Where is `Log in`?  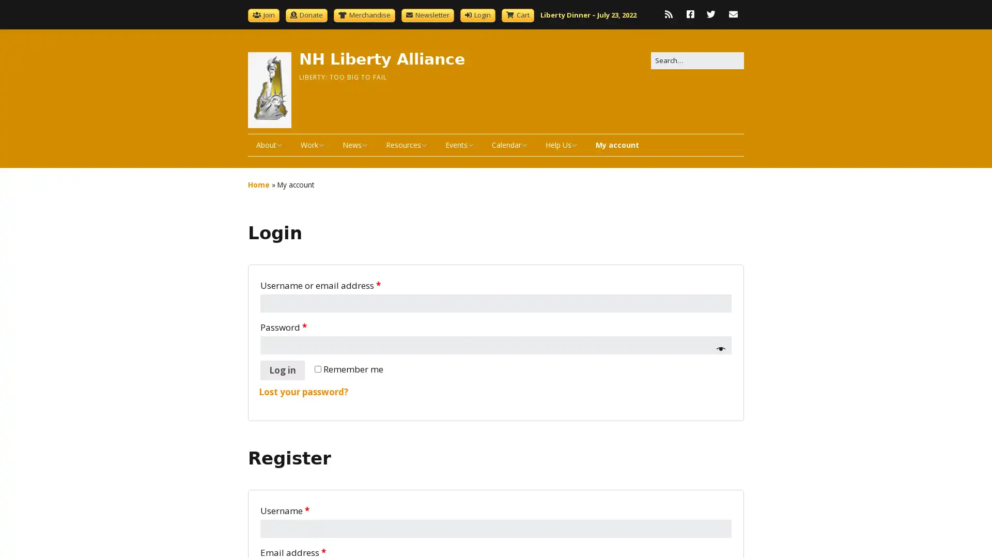 Log in is located at coordinates (283, 369).